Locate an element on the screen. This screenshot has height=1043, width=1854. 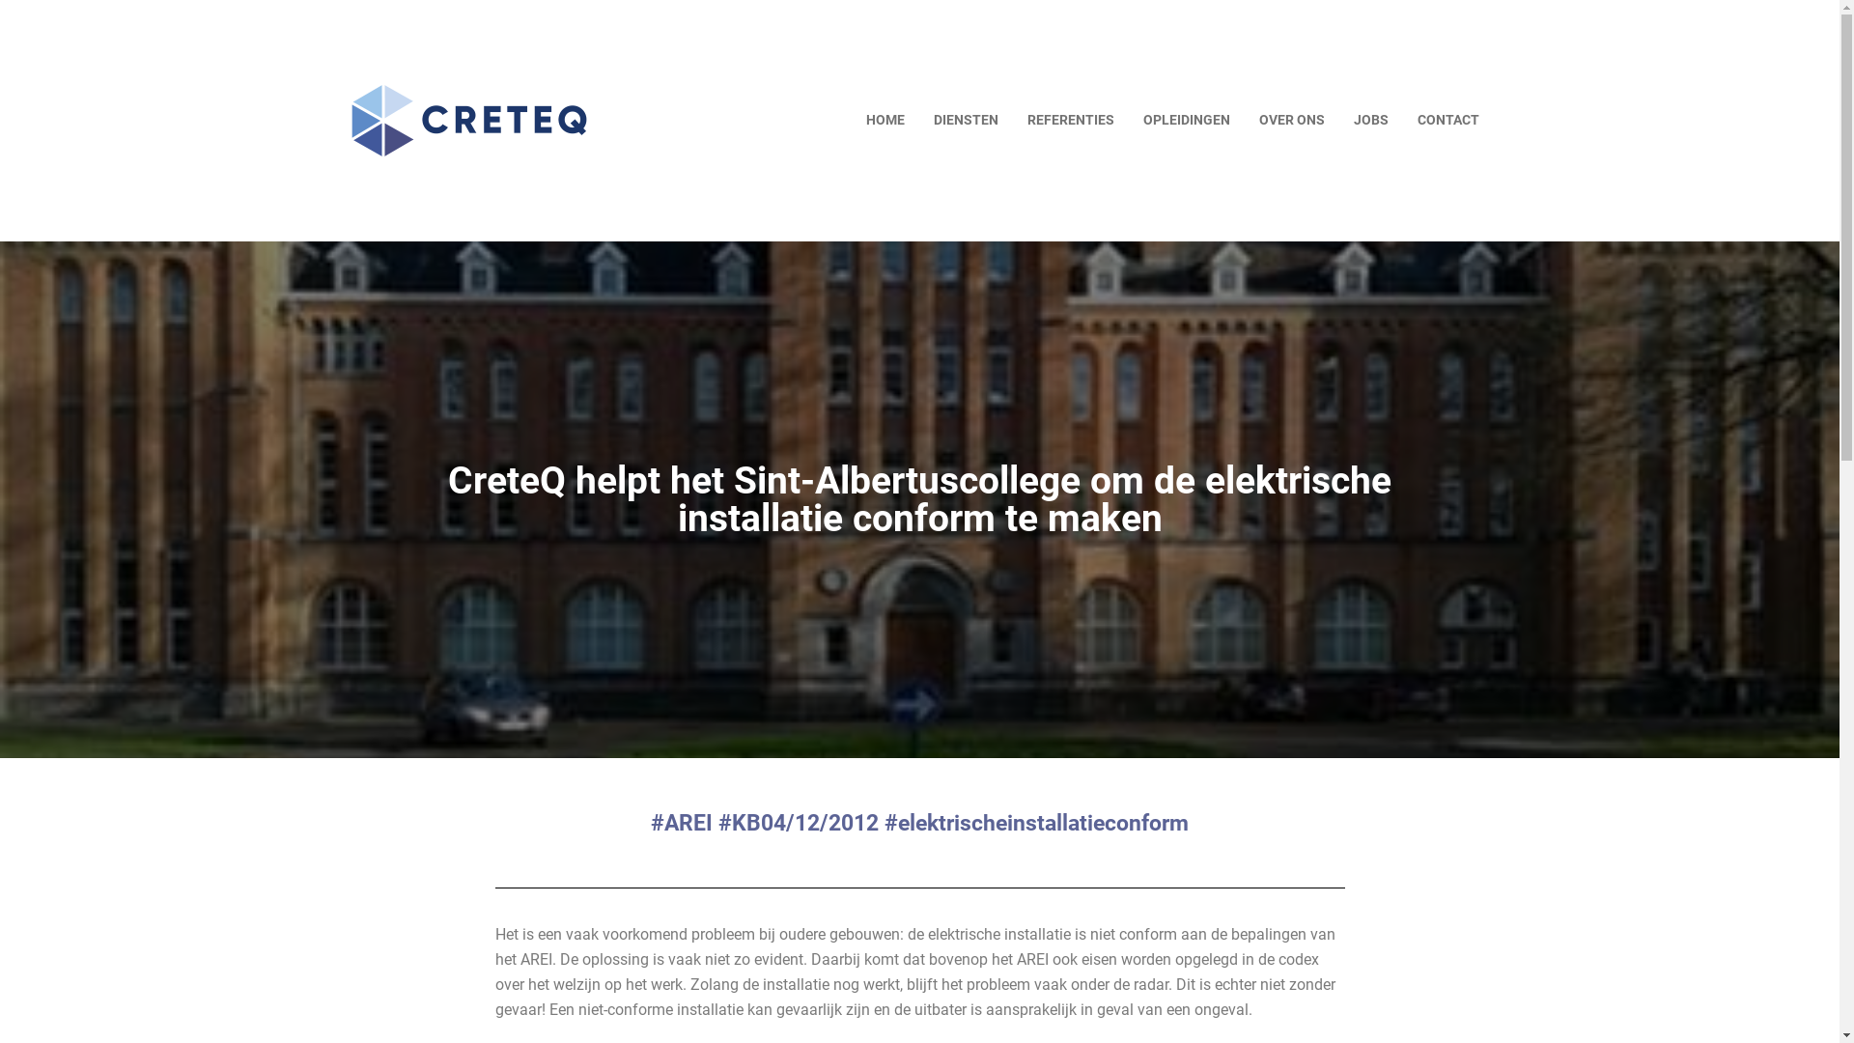
'HOME' is located at coordinates (884, 120).